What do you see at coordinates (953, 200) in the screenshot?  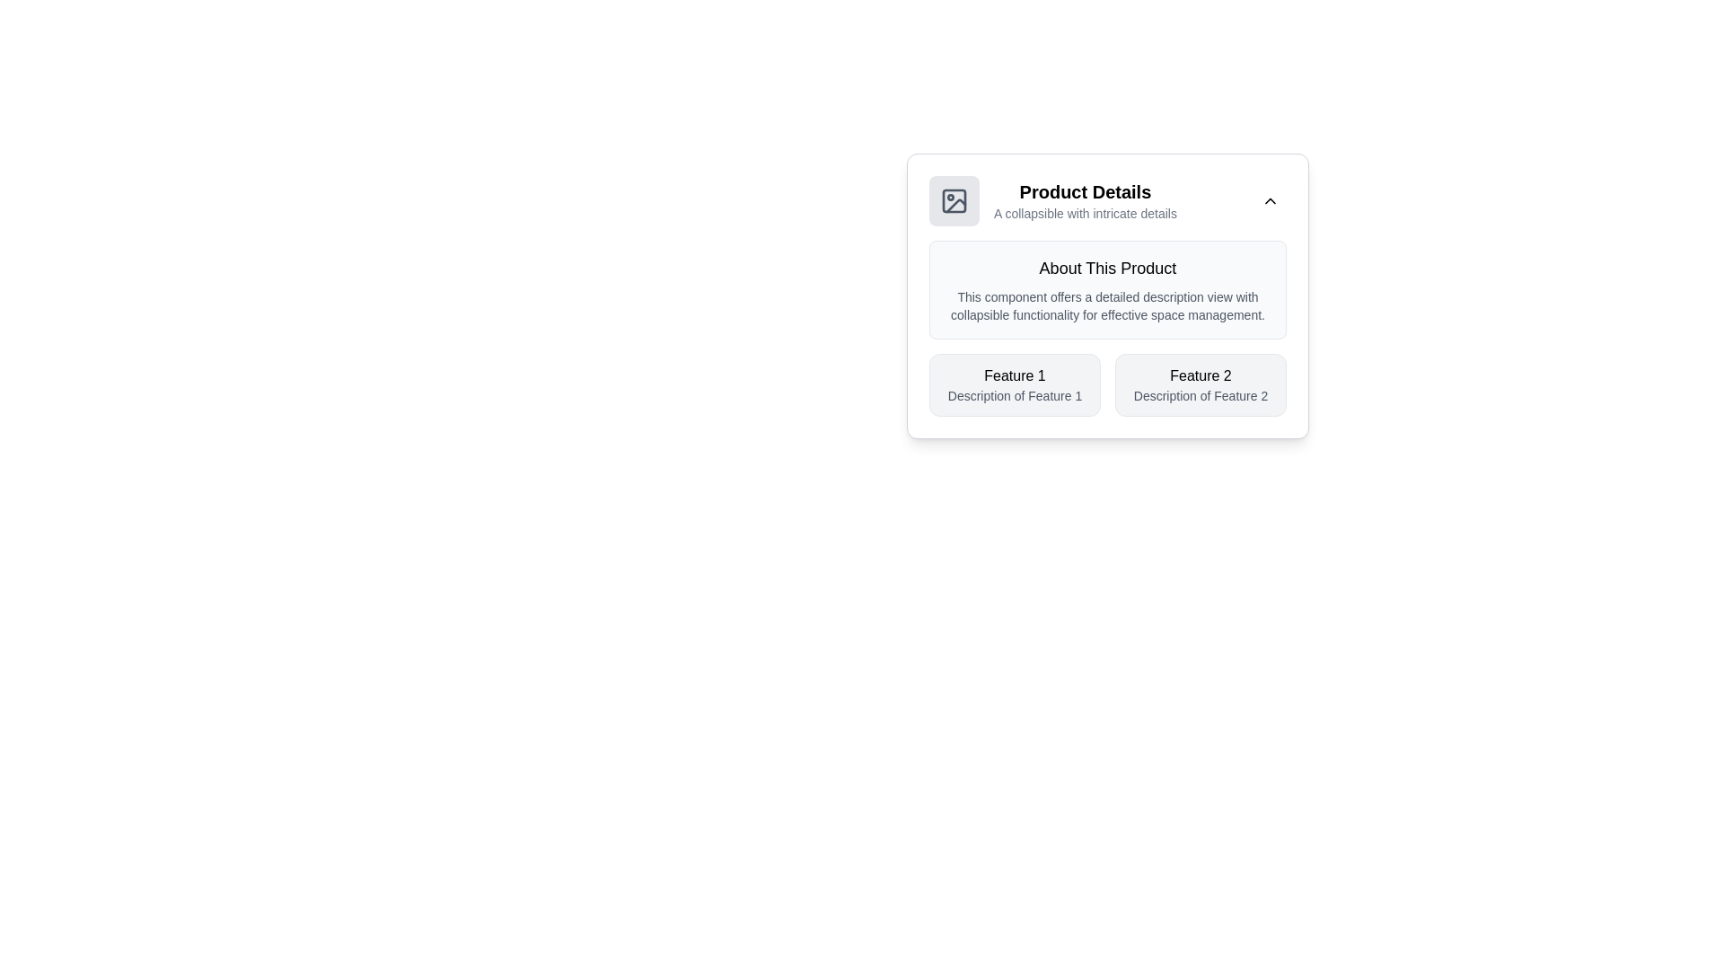 I see `the icon representing the image or visual placeholder related to the 'Product Details' section, located to the left of the heading 'Product Details'` at bounding box center [953, 200].